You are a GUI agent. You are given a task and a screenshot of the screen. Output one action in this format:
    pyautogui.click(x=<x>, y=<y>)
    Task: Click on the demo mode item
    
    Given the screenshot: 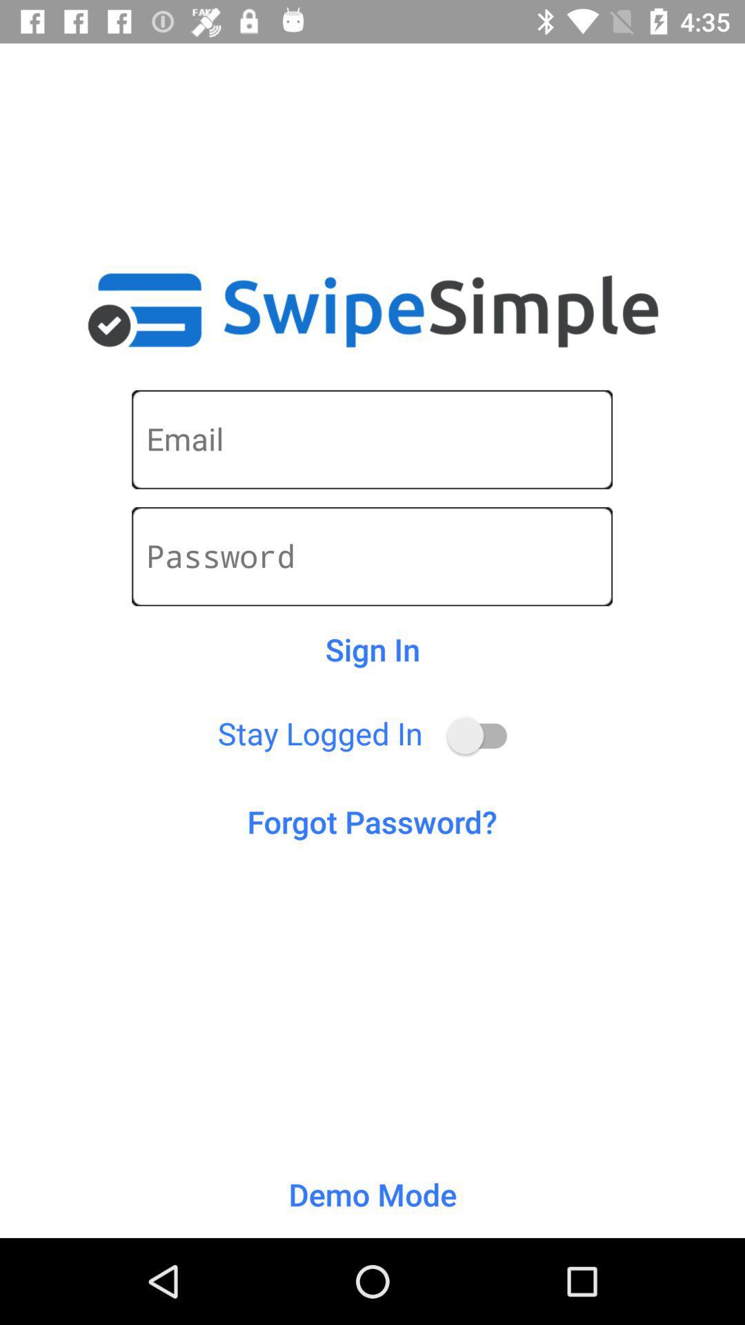 What is the action you would take?
    pyautogui.click(x=372, y=1194)
    